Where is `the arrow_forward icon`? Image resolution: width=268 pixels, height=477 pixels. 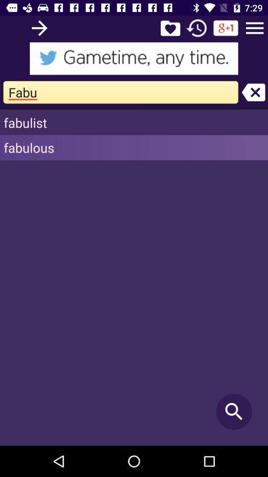 the arrow_forward icon is located at coordinates (39, 27).